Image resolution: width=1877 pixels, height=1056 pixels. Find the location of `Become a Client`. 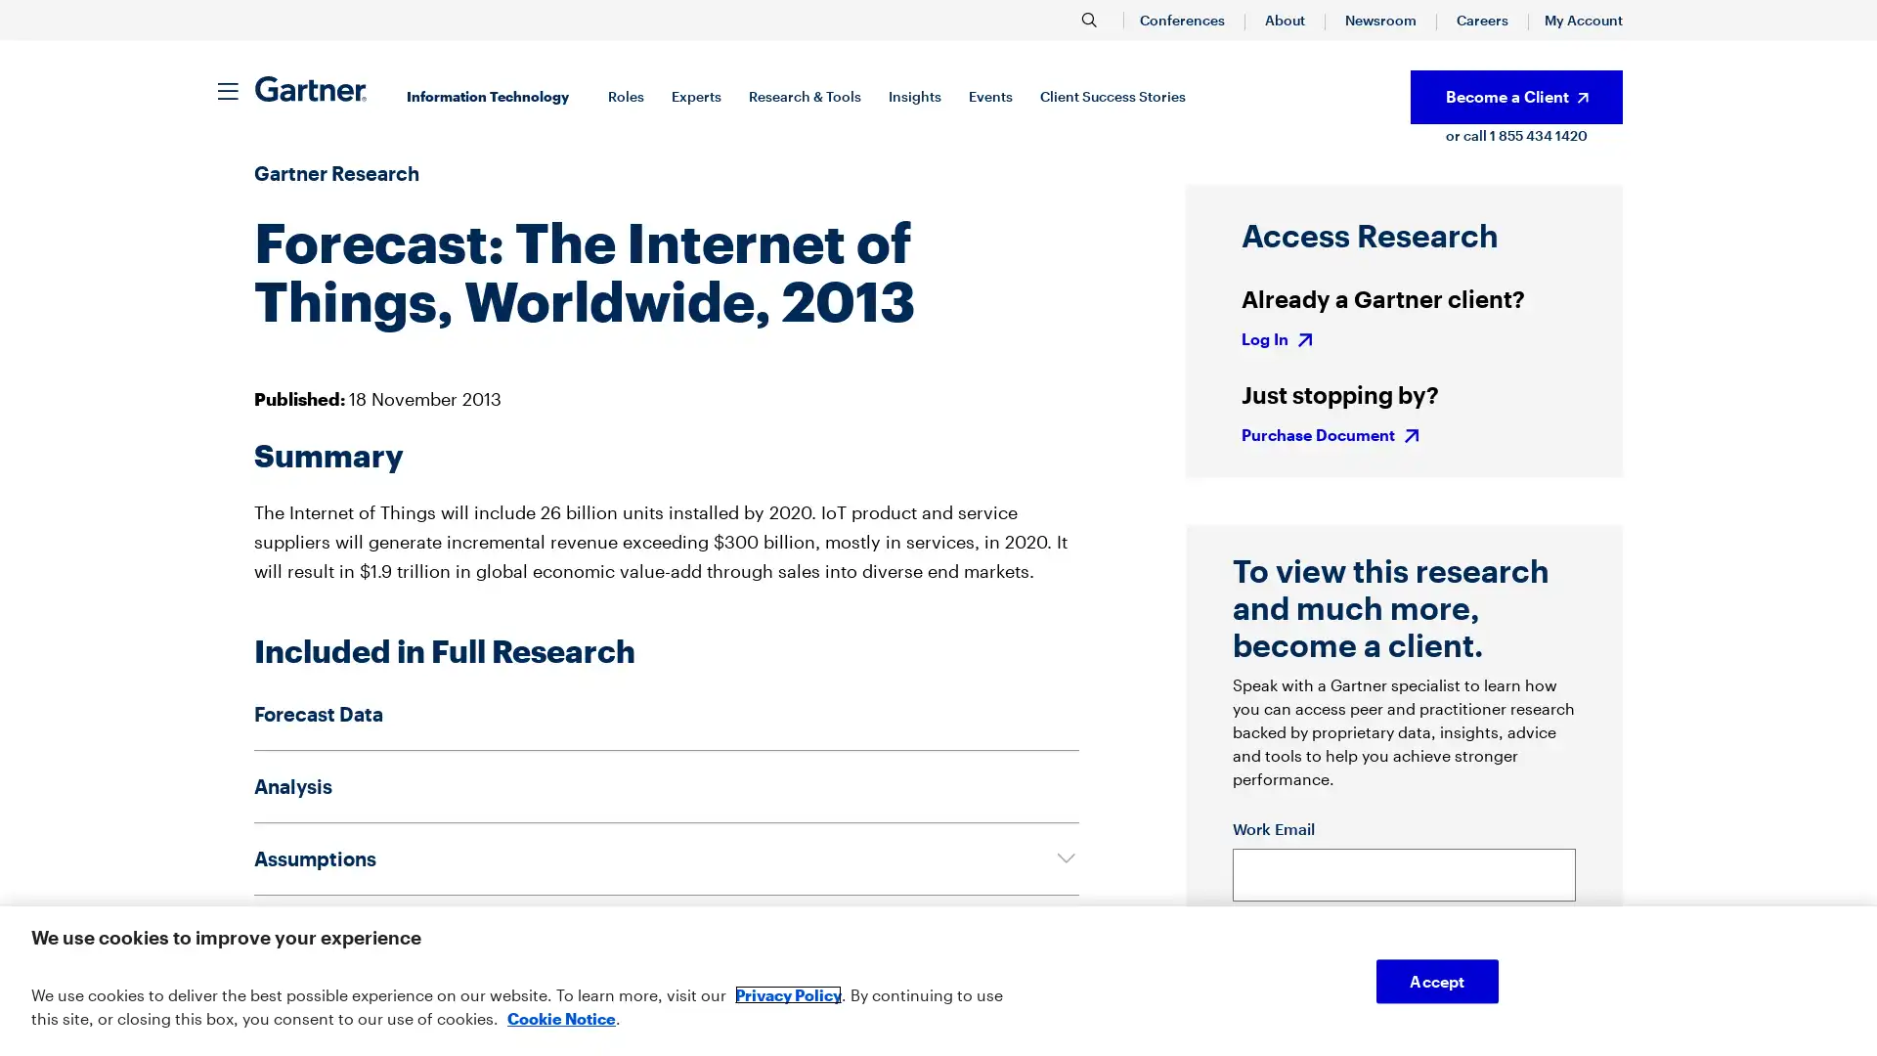

Become a Client is located at coordinates (1515, 97).